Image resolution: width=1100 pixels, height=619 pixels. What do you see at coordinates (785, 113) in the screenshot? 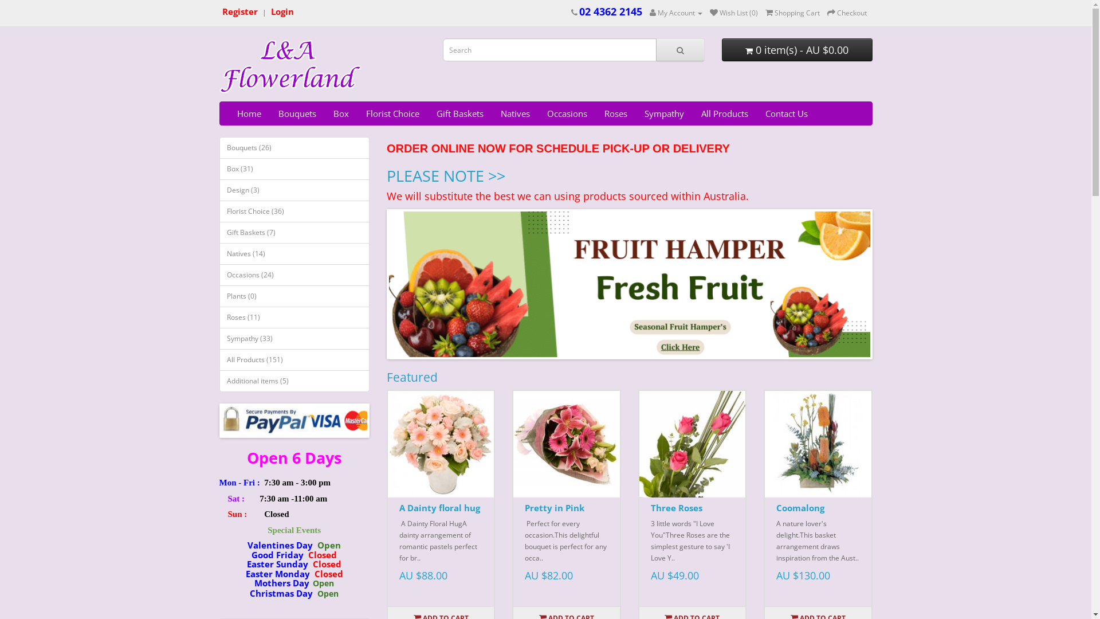
I see `'Contact Us'` at bounding box center [785, 113].